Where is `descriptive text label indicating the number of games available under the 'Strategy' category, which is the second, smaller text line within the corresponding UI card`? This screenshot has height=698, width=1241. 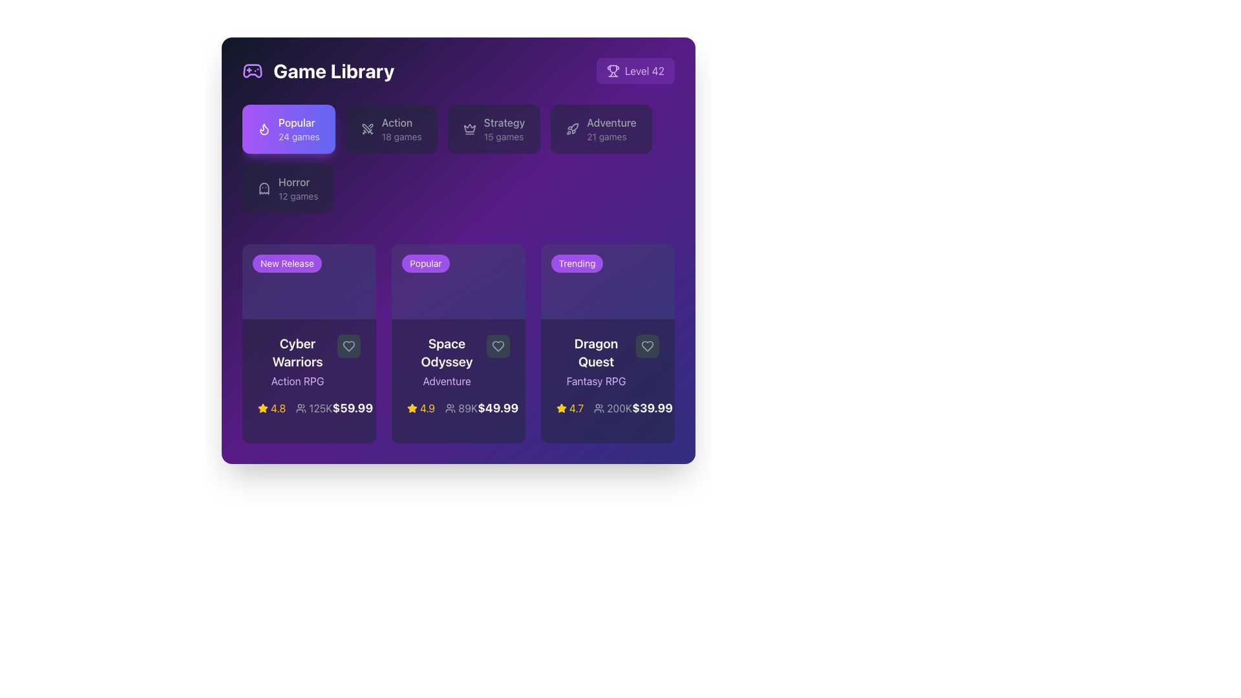 descriptive text label indicating the number of games available under the 'Strategy' category, which is the second, smaller text line within the corresponding UI card is located at coordinates (504, 137).